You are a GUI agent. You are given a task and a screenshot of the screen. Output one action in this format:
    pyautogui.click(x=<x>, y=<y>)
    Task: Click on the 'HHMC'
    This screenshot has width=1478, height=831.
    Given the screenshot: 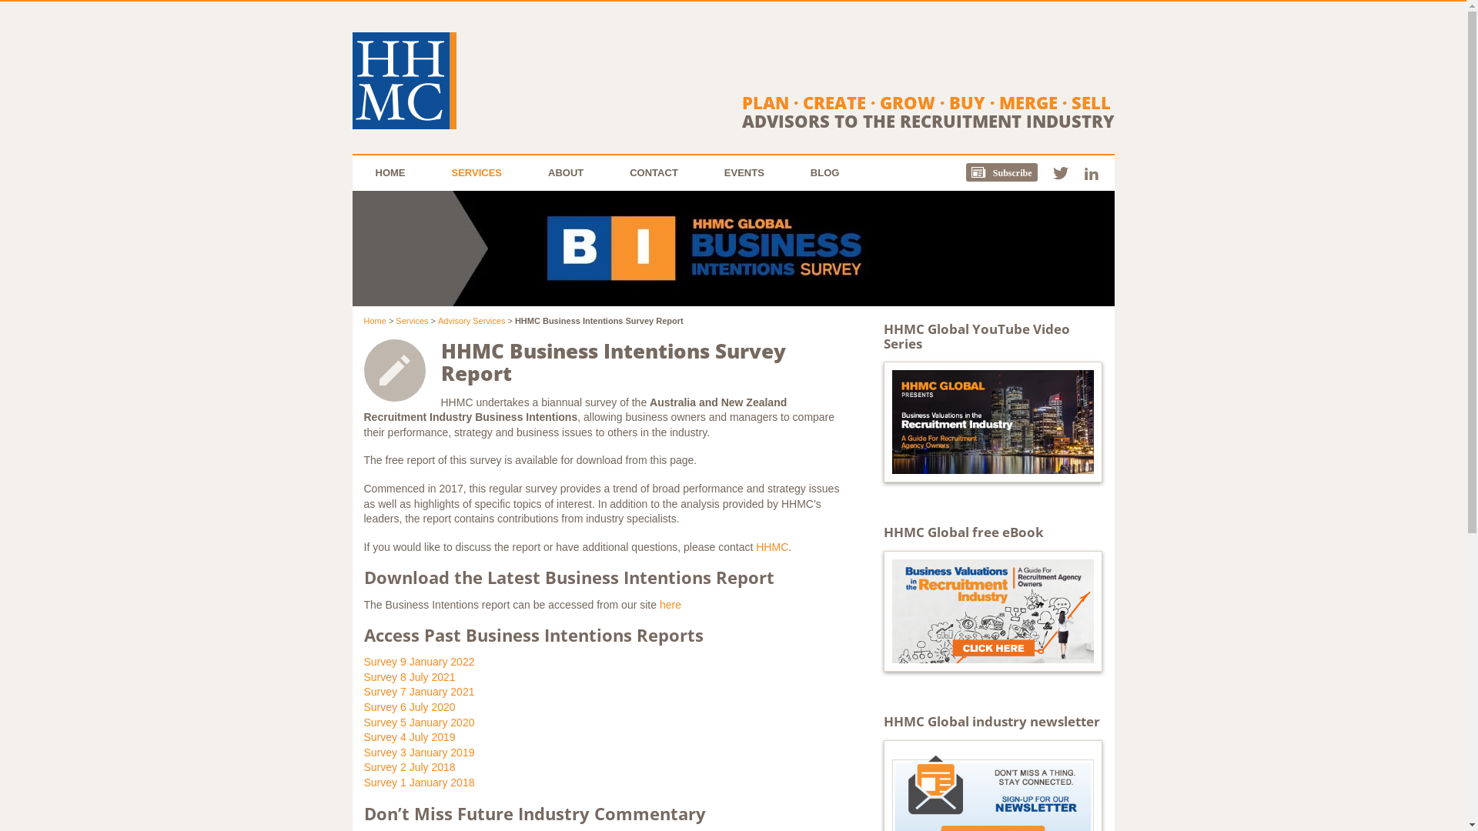 What is the action you would take?
    pyautogui.click(x=772, y=546)
    